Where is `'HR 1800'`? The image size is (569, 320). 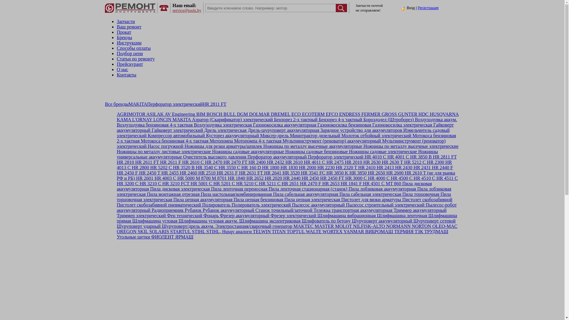
'HR 1800' is located at coordinates (270, 167).